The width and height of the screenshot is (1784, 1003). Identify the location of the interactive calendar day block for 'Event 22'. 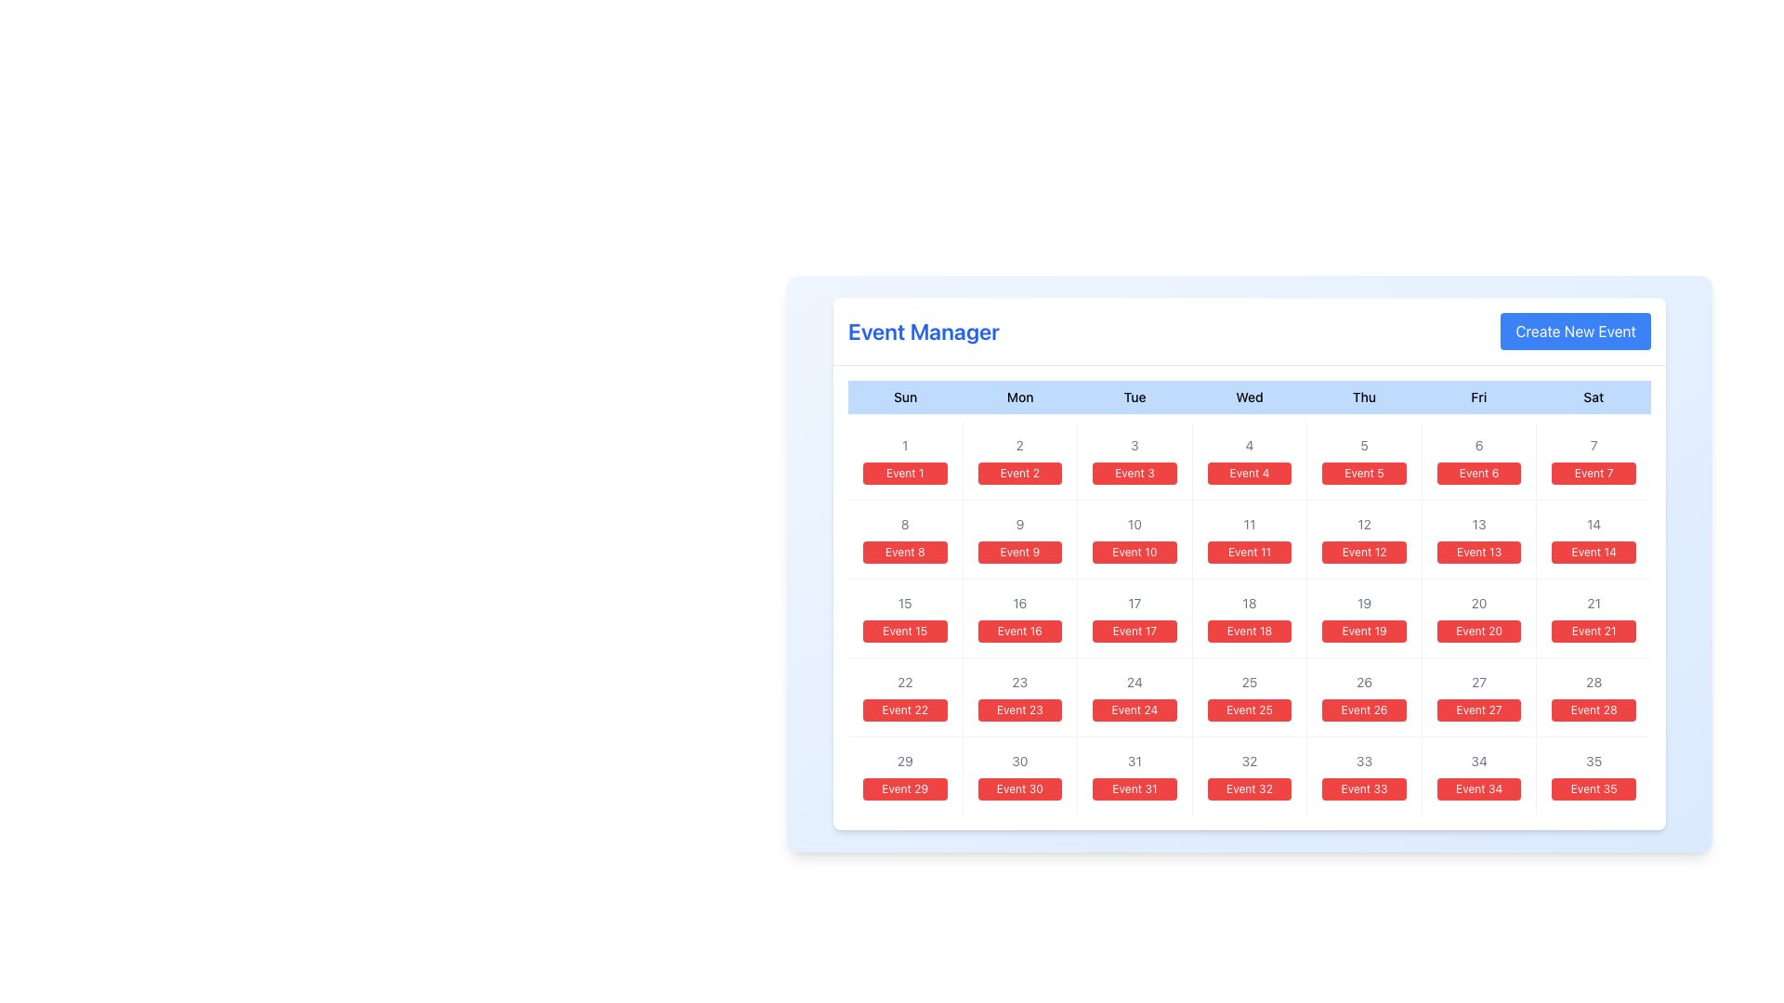
(905, 697).